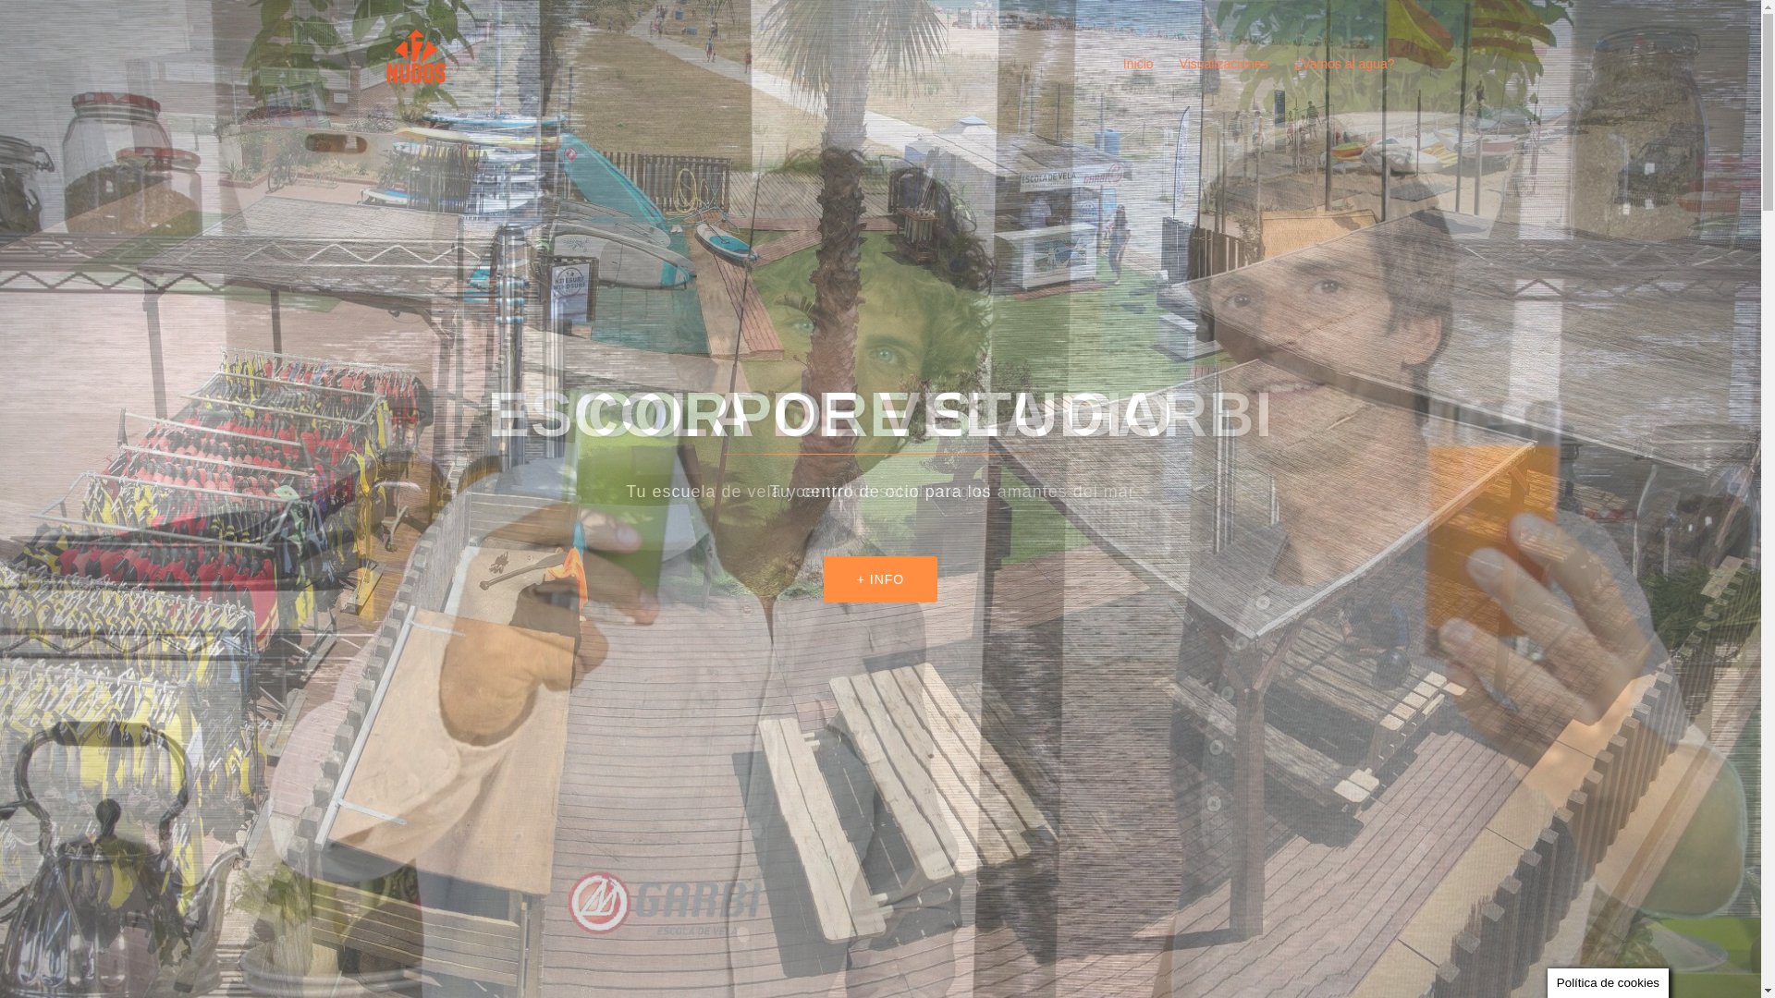 The width and height of the screenshot is (1775, 998). What do you see at coordinates (1137, 63) in the screenshot?
I see `'Inicio'` at bounding box center [1137, 63].